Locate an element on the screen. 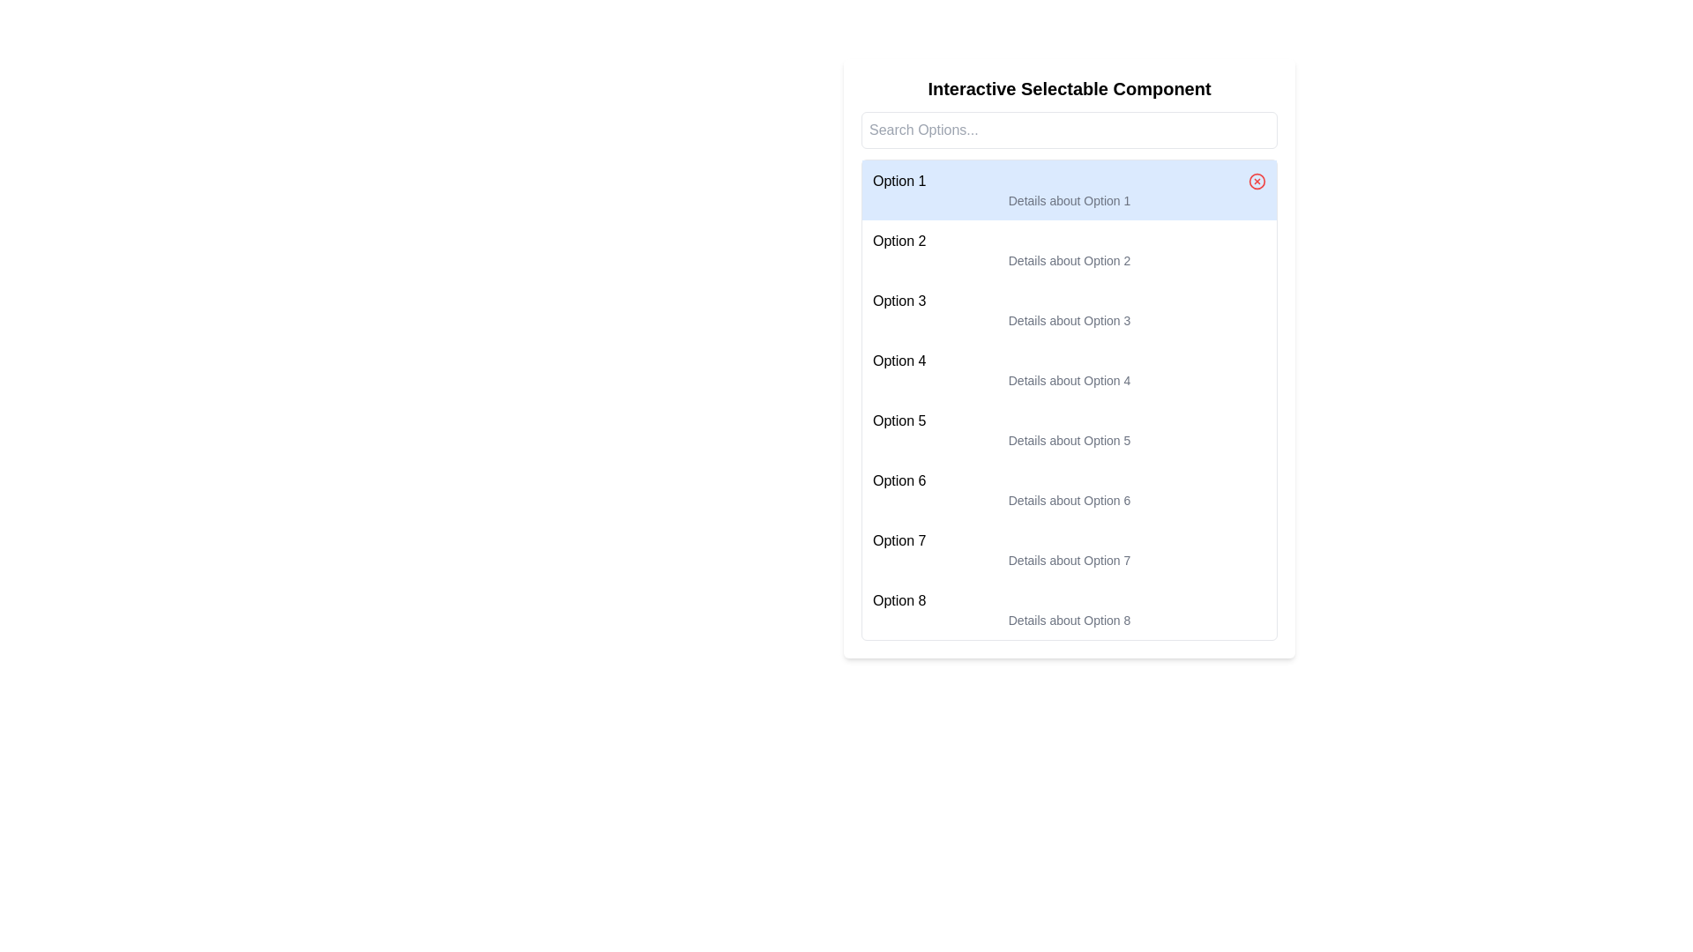  the text element containing 'Details about Option 8', which is styled in a smaller, gray font and positioned below 'Option 8' is located at coordinates (1069, 620).